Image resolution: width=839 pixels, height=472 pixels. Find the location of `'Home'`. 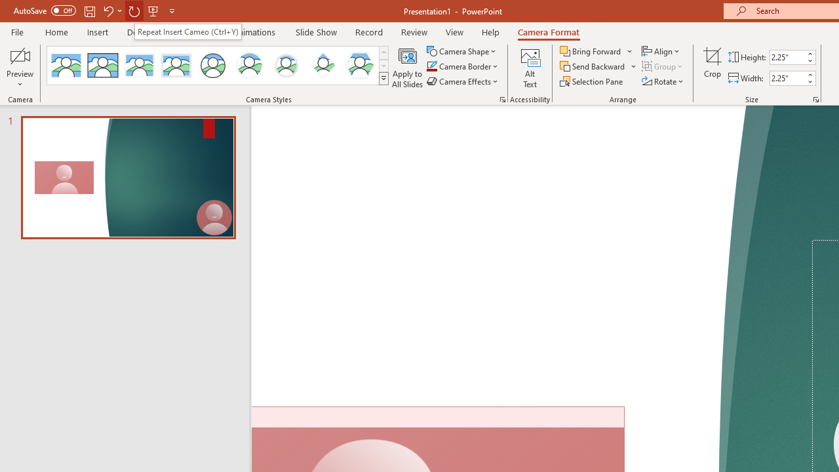

'Home' is located at coordinates (56, 31).